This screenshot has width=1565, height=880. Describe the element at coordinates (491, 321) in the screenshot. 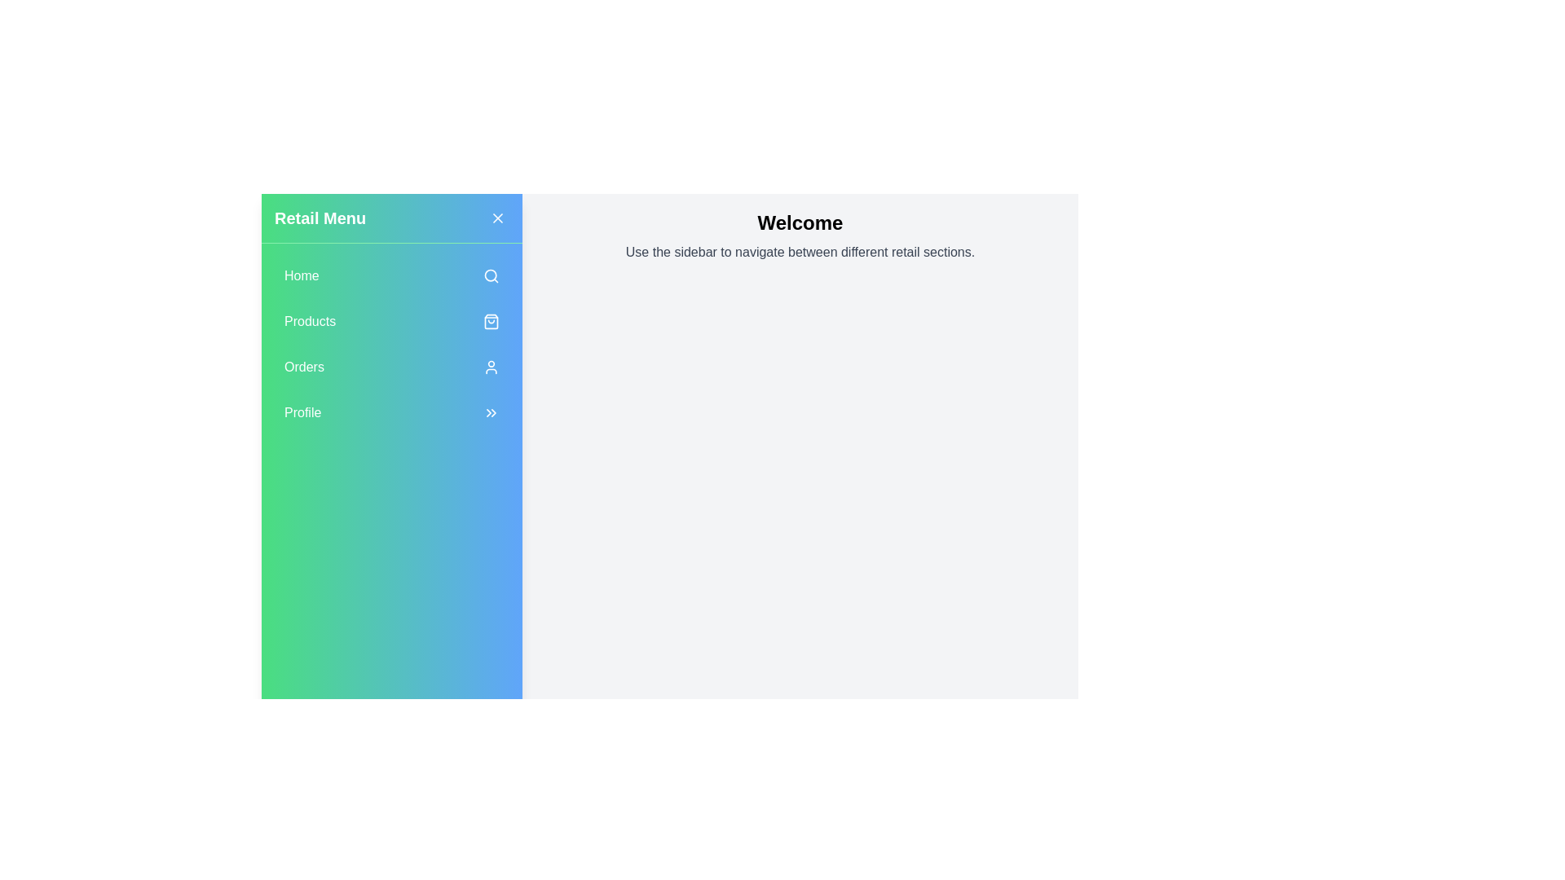

I see `the shopping bag icon in the 'Products' section of the navigation menu, which is positioned at the far right of the 'Products' item` at that location.